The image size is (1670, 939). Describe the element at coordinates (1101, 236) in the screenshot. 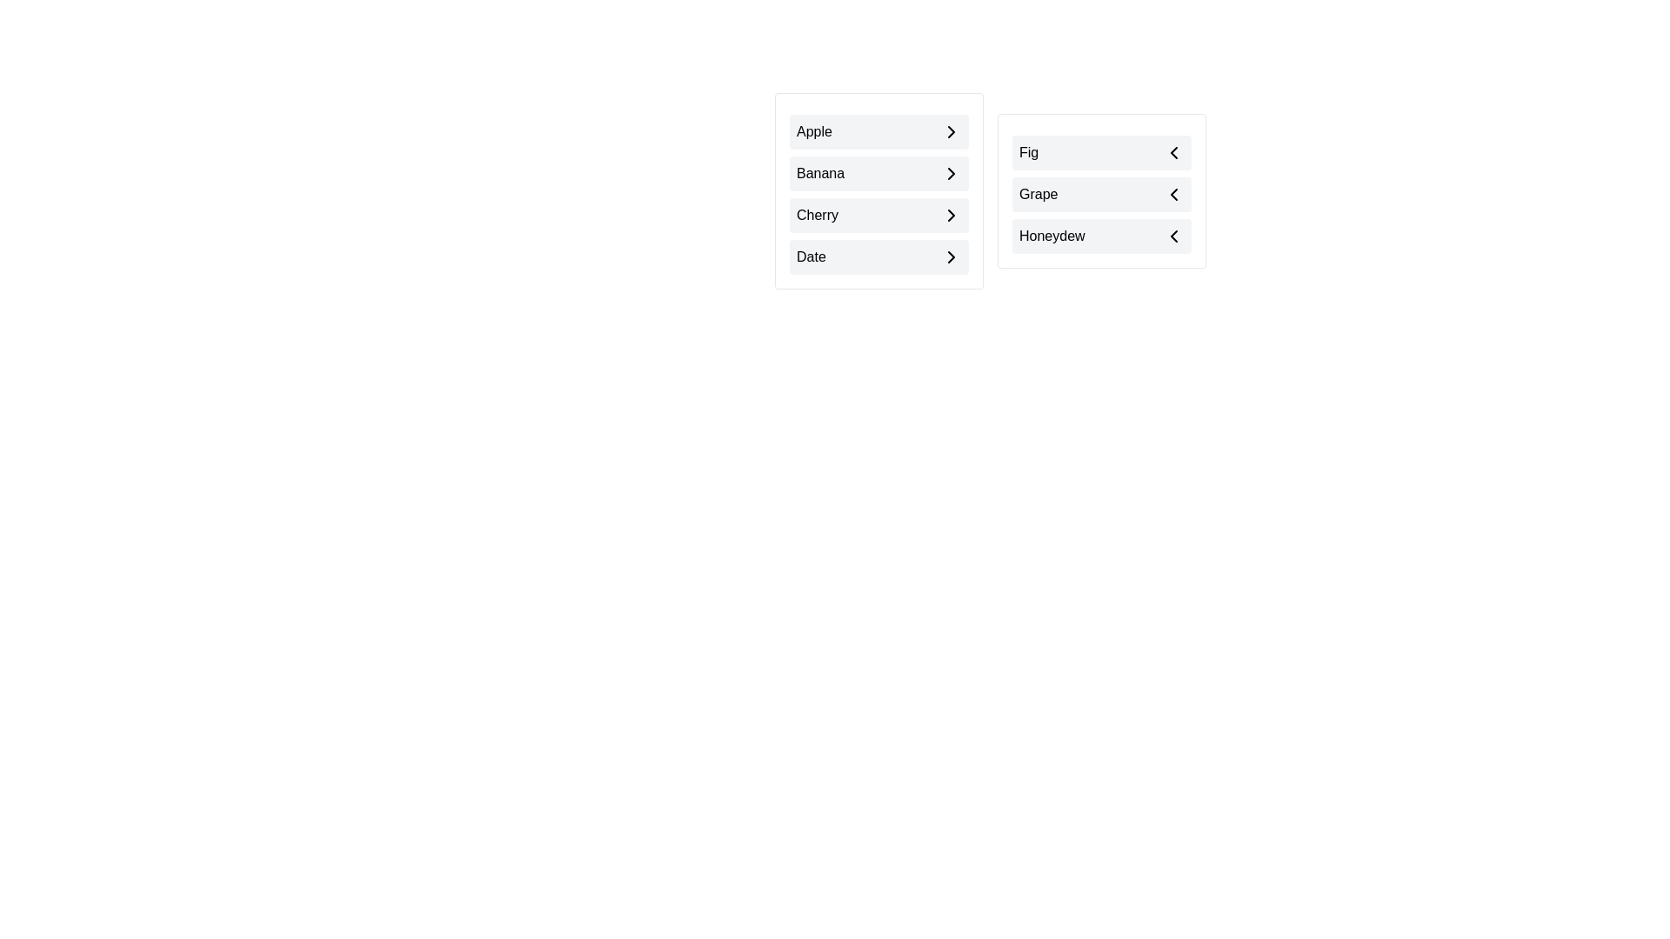

I see `the item Honeydew in the list` at that location.